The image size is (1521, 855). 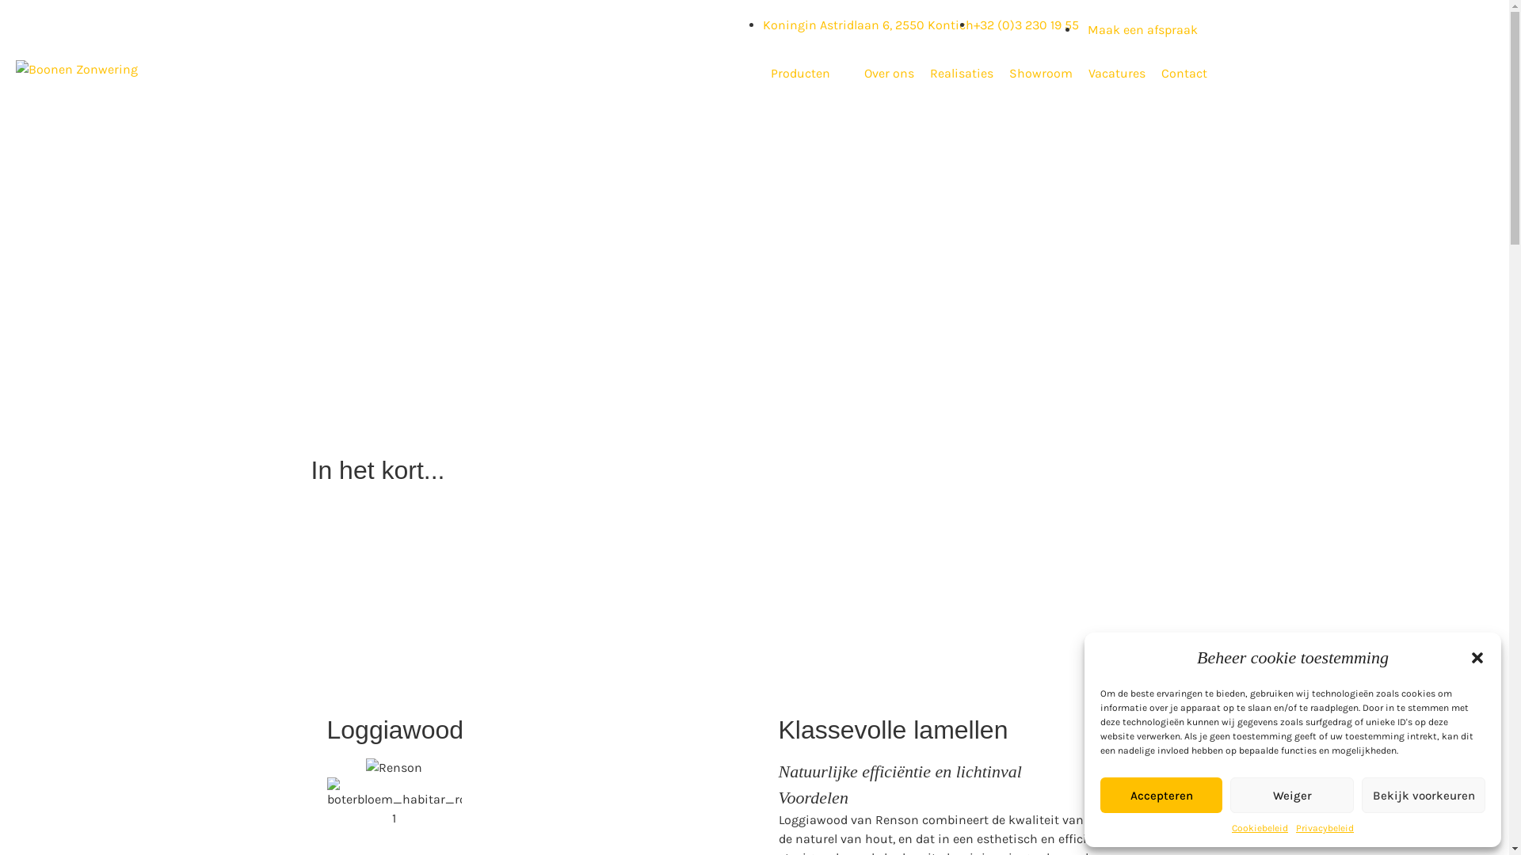 I want to click on 'Maak een afspraak', so click(x=1142, y=29).